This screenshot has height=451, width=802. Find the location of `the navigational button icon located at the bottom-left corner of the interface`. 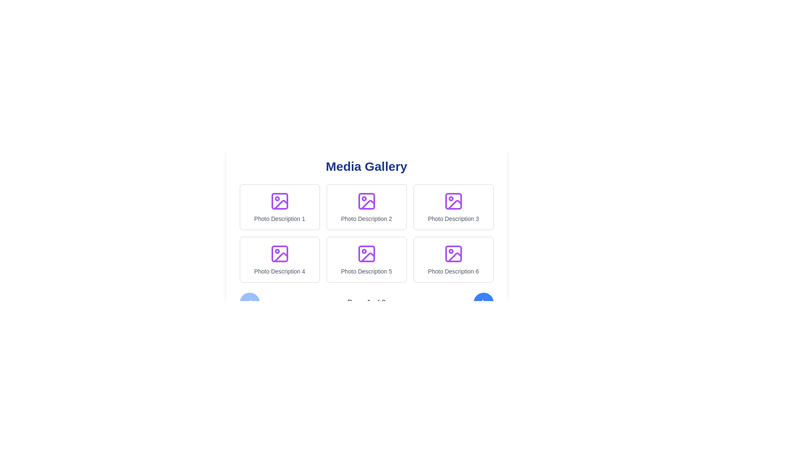

the navigational button icon located at the bottom-left corner of the interface is located at coordinates (249, 303).